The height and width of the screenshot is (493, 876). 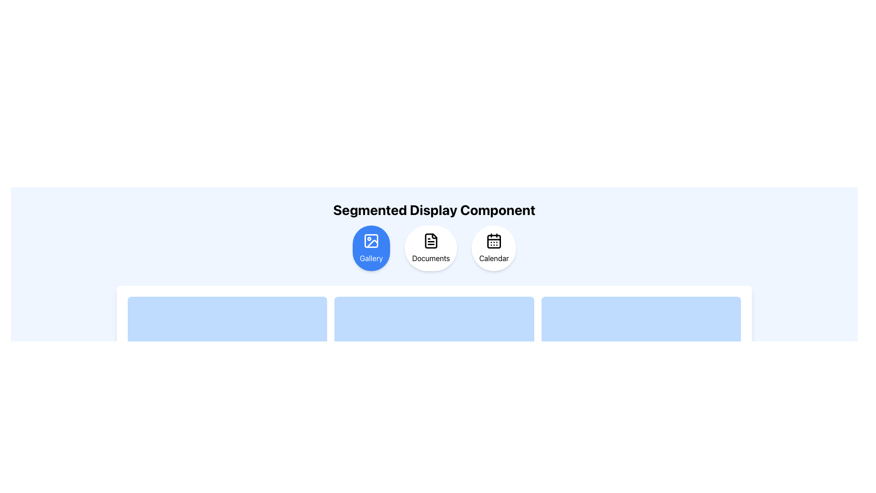 What do you see at coordinates (430, 258) in the screenshot?
I see `the 'Documents' text label, which is styled in black and positioned within a circular button below a document icon` at bounding box center [430, 258].